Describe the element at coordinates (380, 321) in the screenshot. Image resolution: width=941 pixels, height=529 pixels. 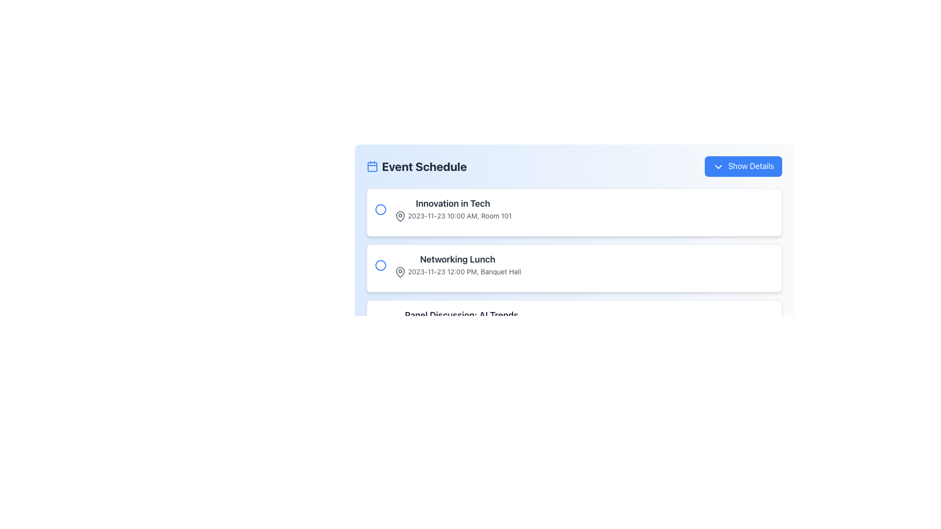
I see `the status circle located to the left of the event title in the third visible event entry` at that location.